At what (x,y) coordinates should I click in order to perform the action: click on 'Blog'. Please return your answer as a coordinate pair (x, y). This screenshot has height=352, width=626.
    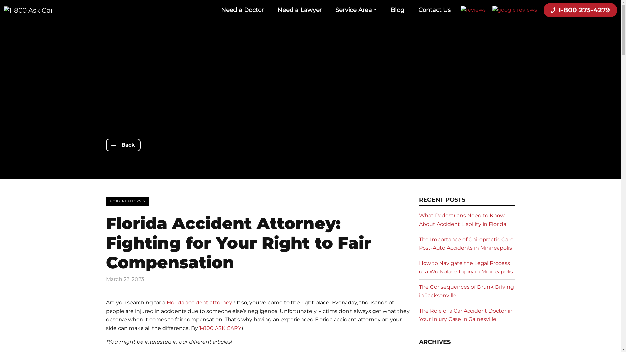
    Looking at the image, I should click on (397, 10).